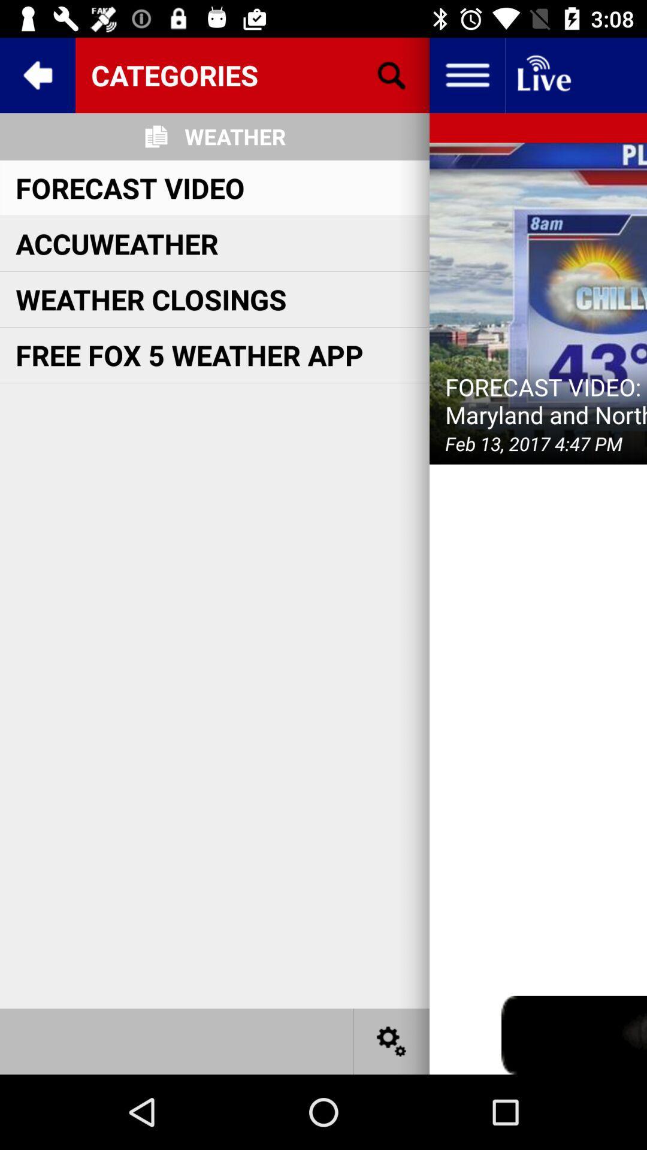  Describe the element at coordinates (130, 187) in the screenshot. I see `icon below weather` at that location.